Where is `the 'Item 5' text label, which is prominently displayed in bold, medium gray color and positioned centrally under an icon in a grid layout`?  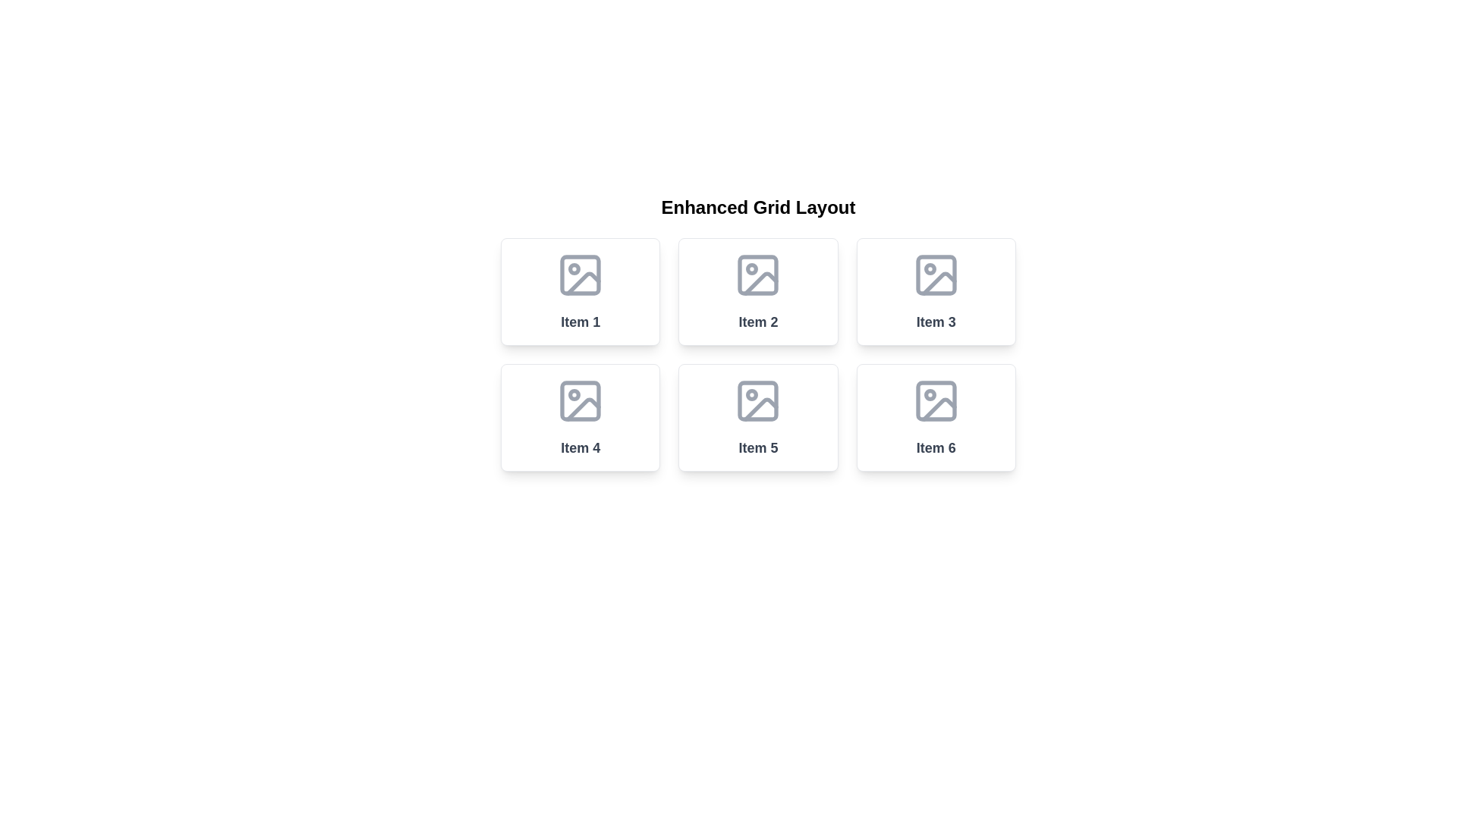 the 'Item 5' text label, which is prominently displayed in bold, medium gray color and positioned centrally under an icon in a grid layout is located at coordinates (758, 447).